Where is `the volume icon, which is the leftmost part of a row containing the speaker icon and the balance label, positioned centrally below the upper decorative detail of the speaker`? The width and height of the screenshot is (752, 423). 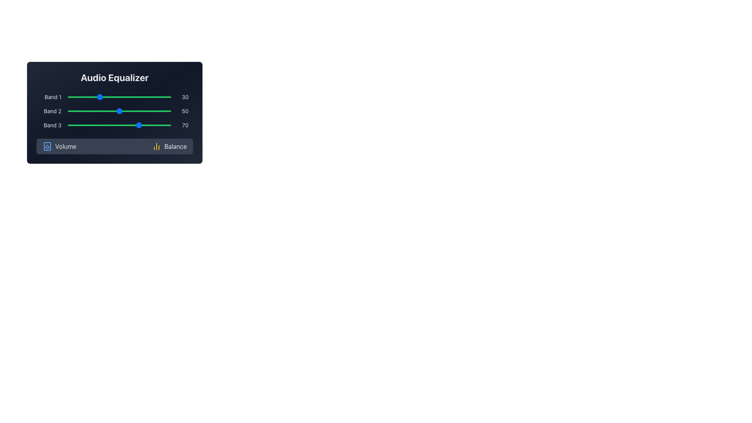
the volume icon, which is the leftmost part of a row containing the speaker icon and the balance label, positioned centrally below the upper decorative detail of the speaker is located at coordinates (47, 146).